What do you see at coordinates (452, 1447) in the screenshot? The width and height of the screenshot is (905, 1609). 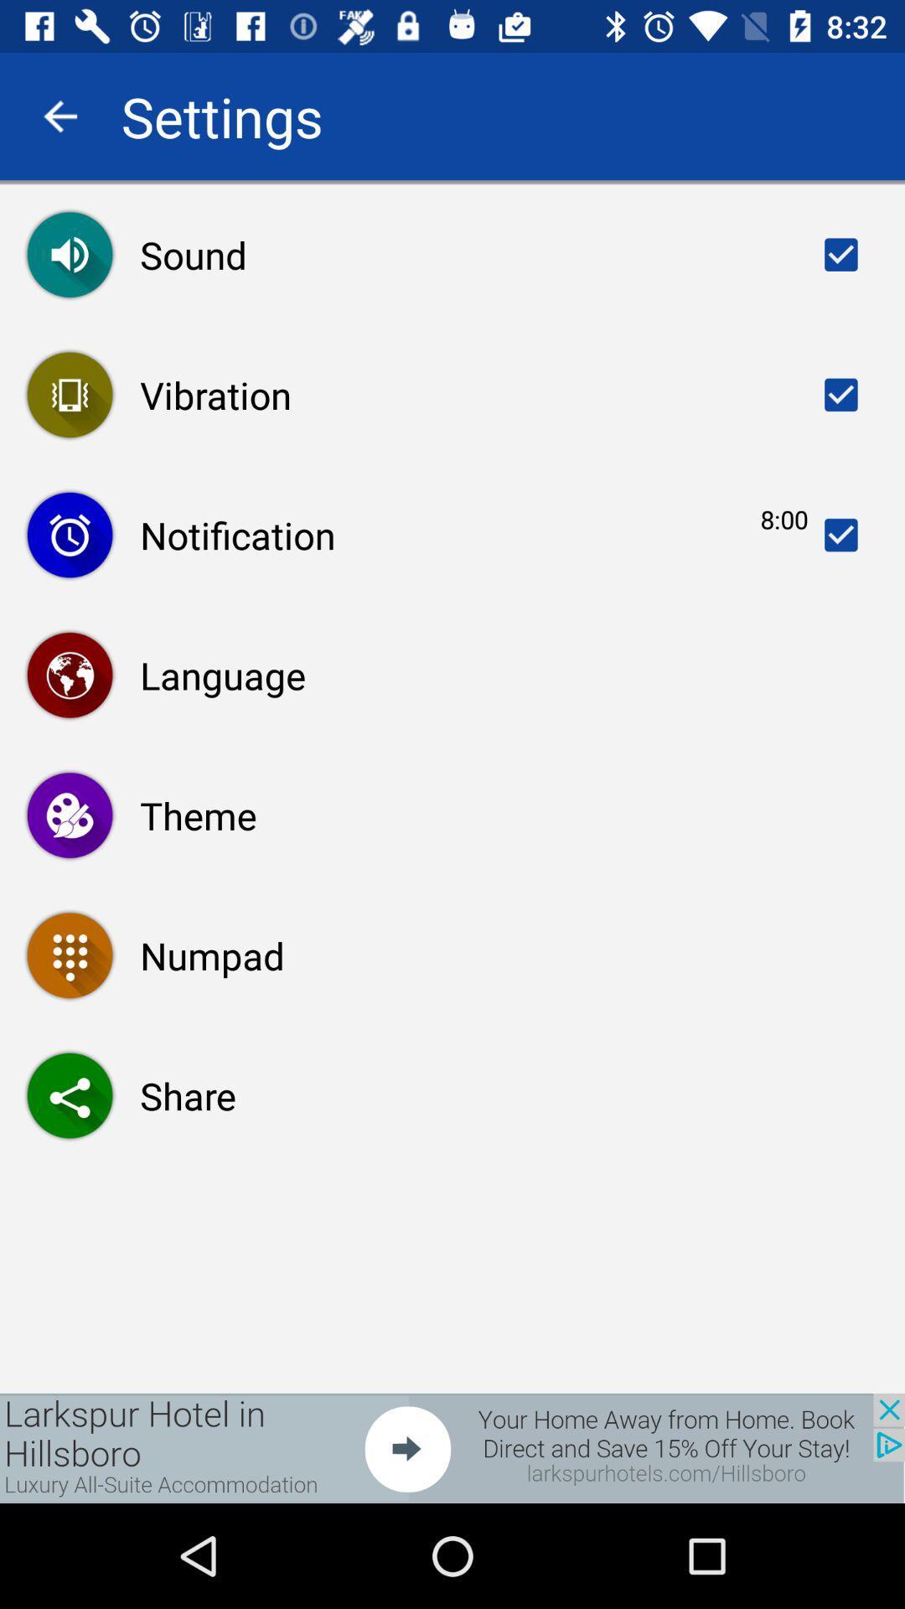 I see `opens a advertisement` at bounding box center [452, 1447].